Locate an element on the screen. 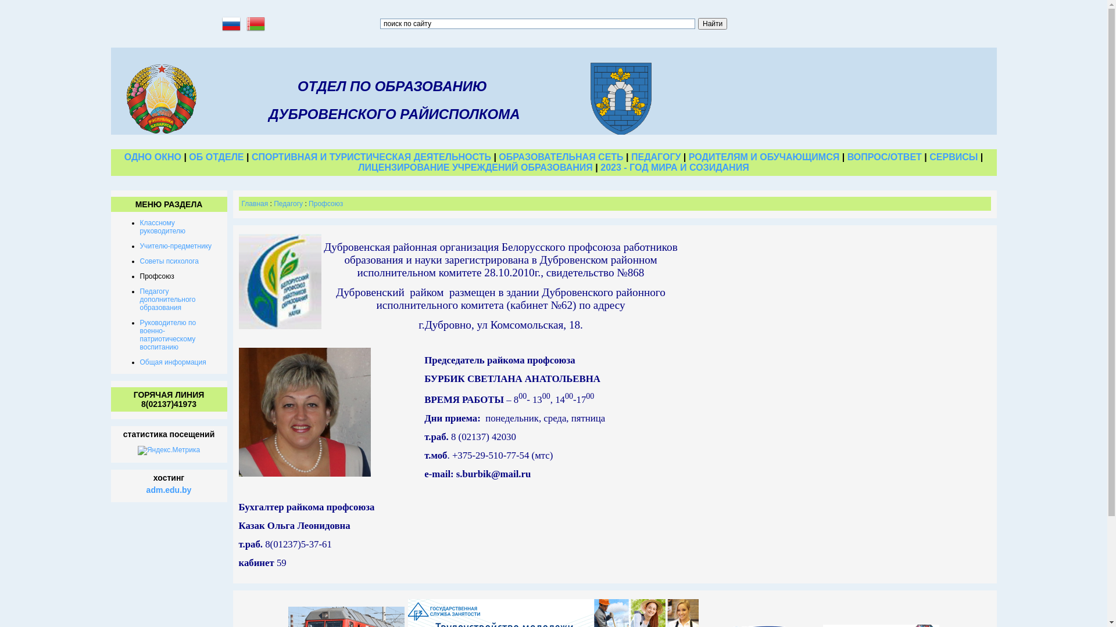 This screenshot has height=627, width=1116. 'adm.edu.by' is located at coordinates (169, 490).